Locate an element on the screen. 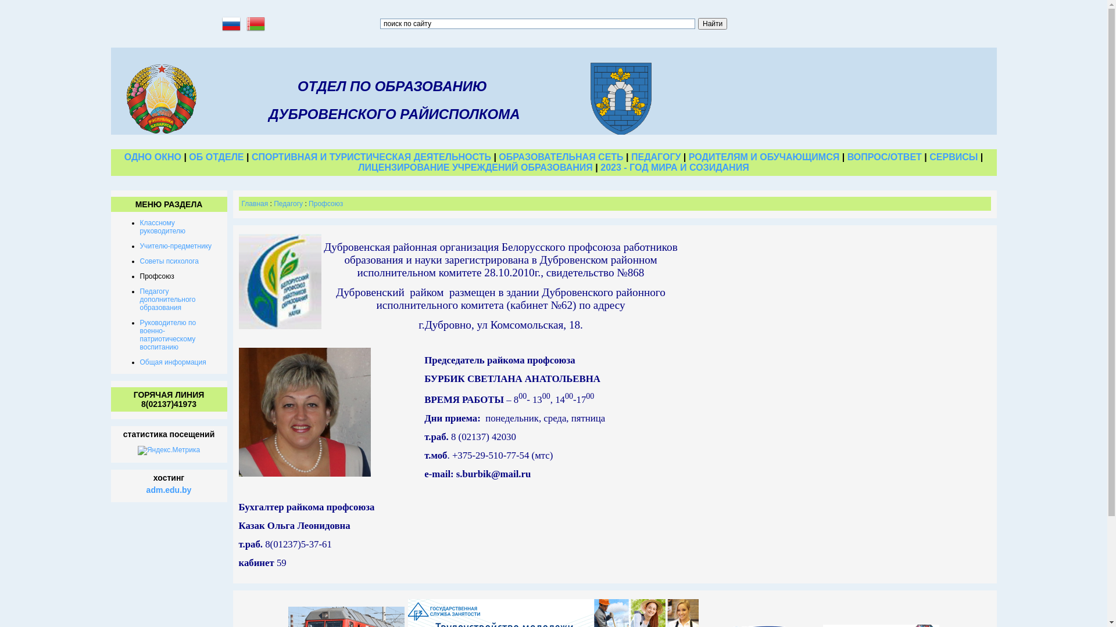 This screenshot has height=627, width=1116. 'adm.edu.by' is located at coordinates (169, 490).